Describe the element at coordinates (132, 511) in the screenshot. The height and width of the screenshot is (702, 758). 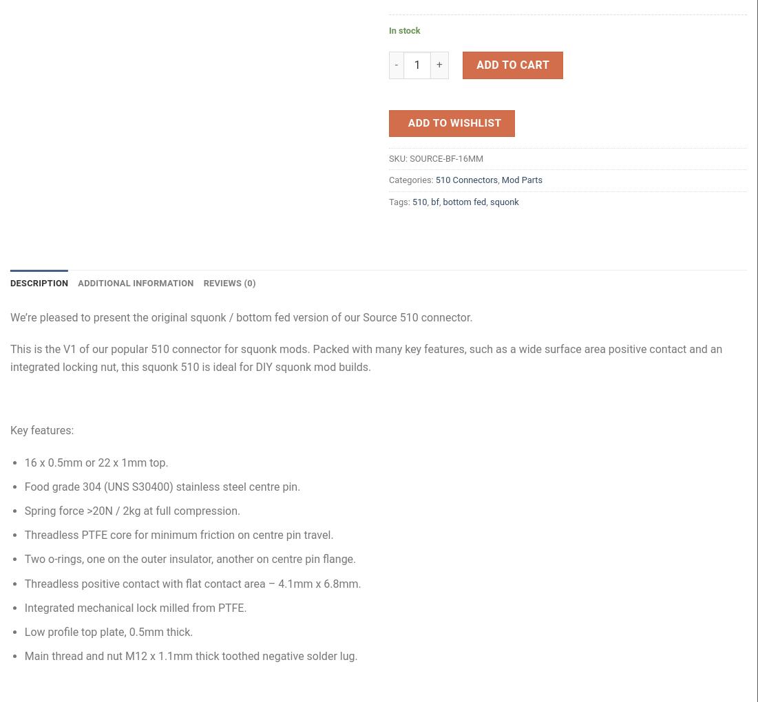
I see `'Spring force >20N / 2kg at full compression.'` at that location.